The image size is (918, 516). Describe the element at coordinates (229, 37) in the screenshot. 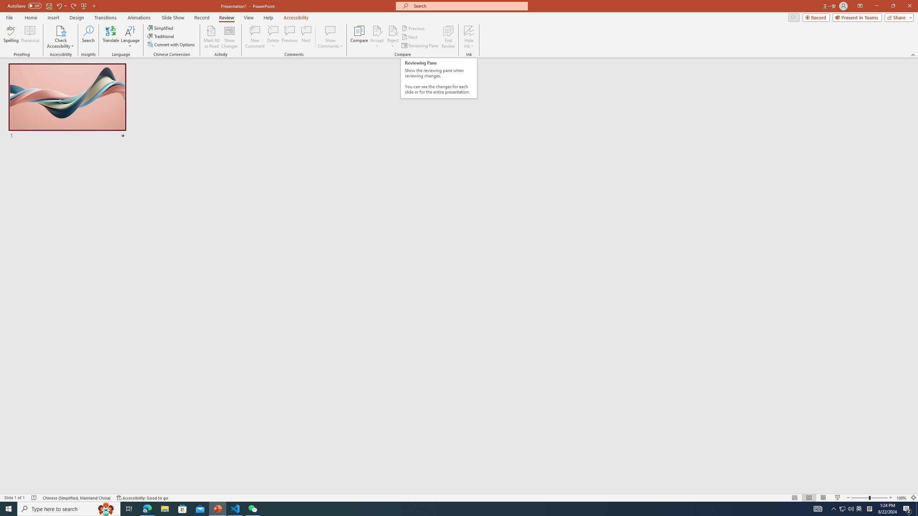

I see `'Show Changes'` at that location.